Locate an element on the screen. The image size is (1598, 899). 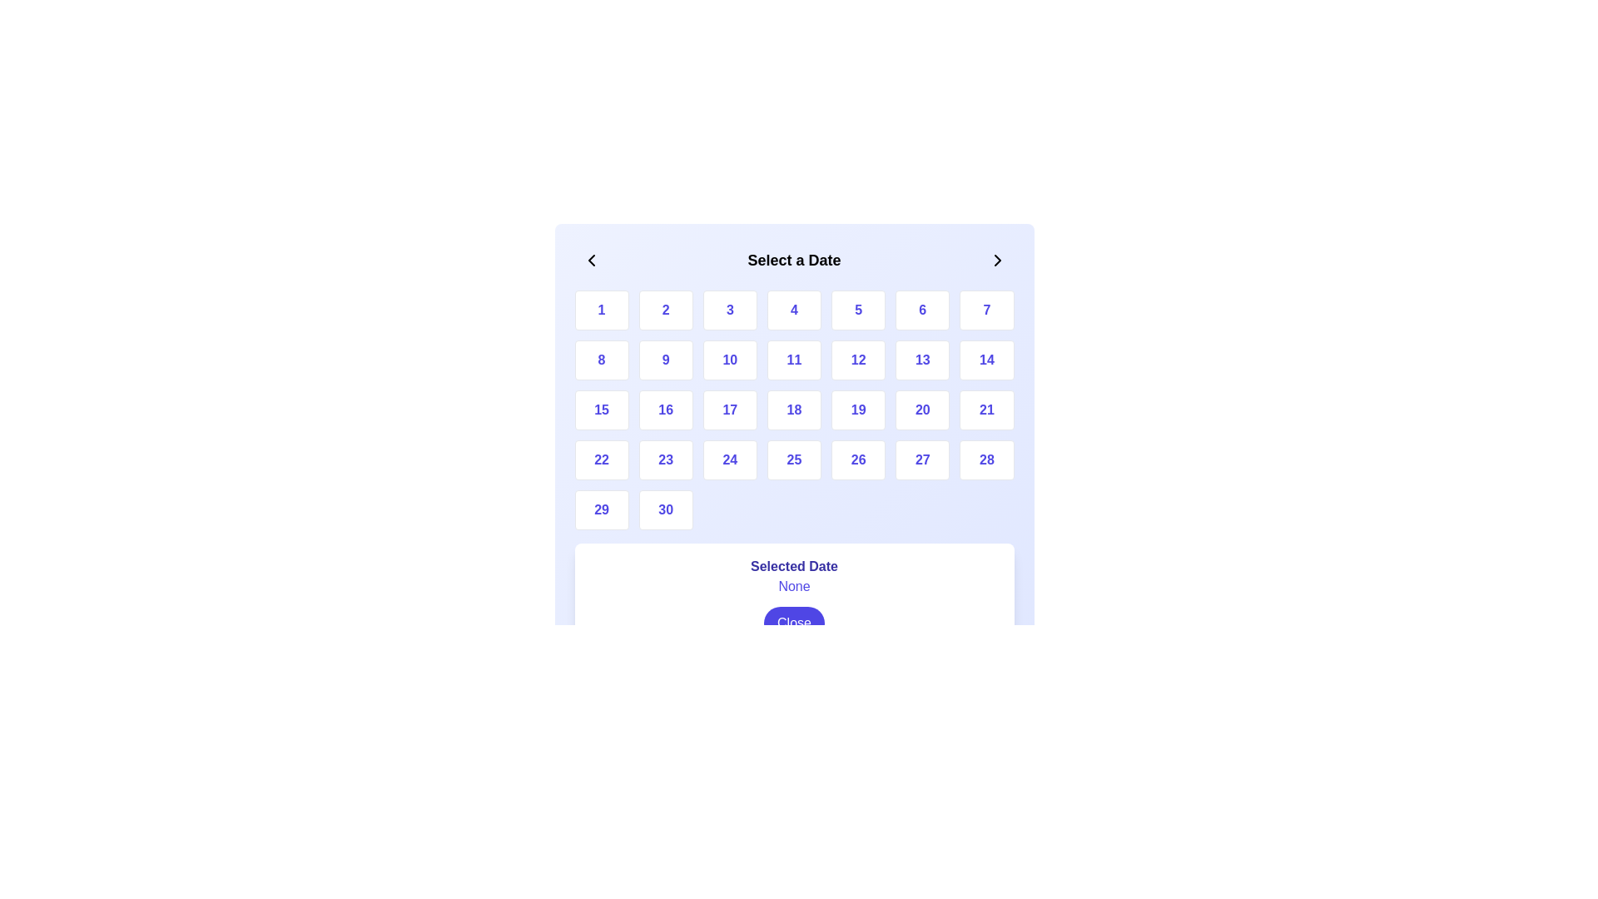
the date selection button representing the date '25' located in the fifth row and fourth column of the calendar grid is located at coordinates (793, 459).